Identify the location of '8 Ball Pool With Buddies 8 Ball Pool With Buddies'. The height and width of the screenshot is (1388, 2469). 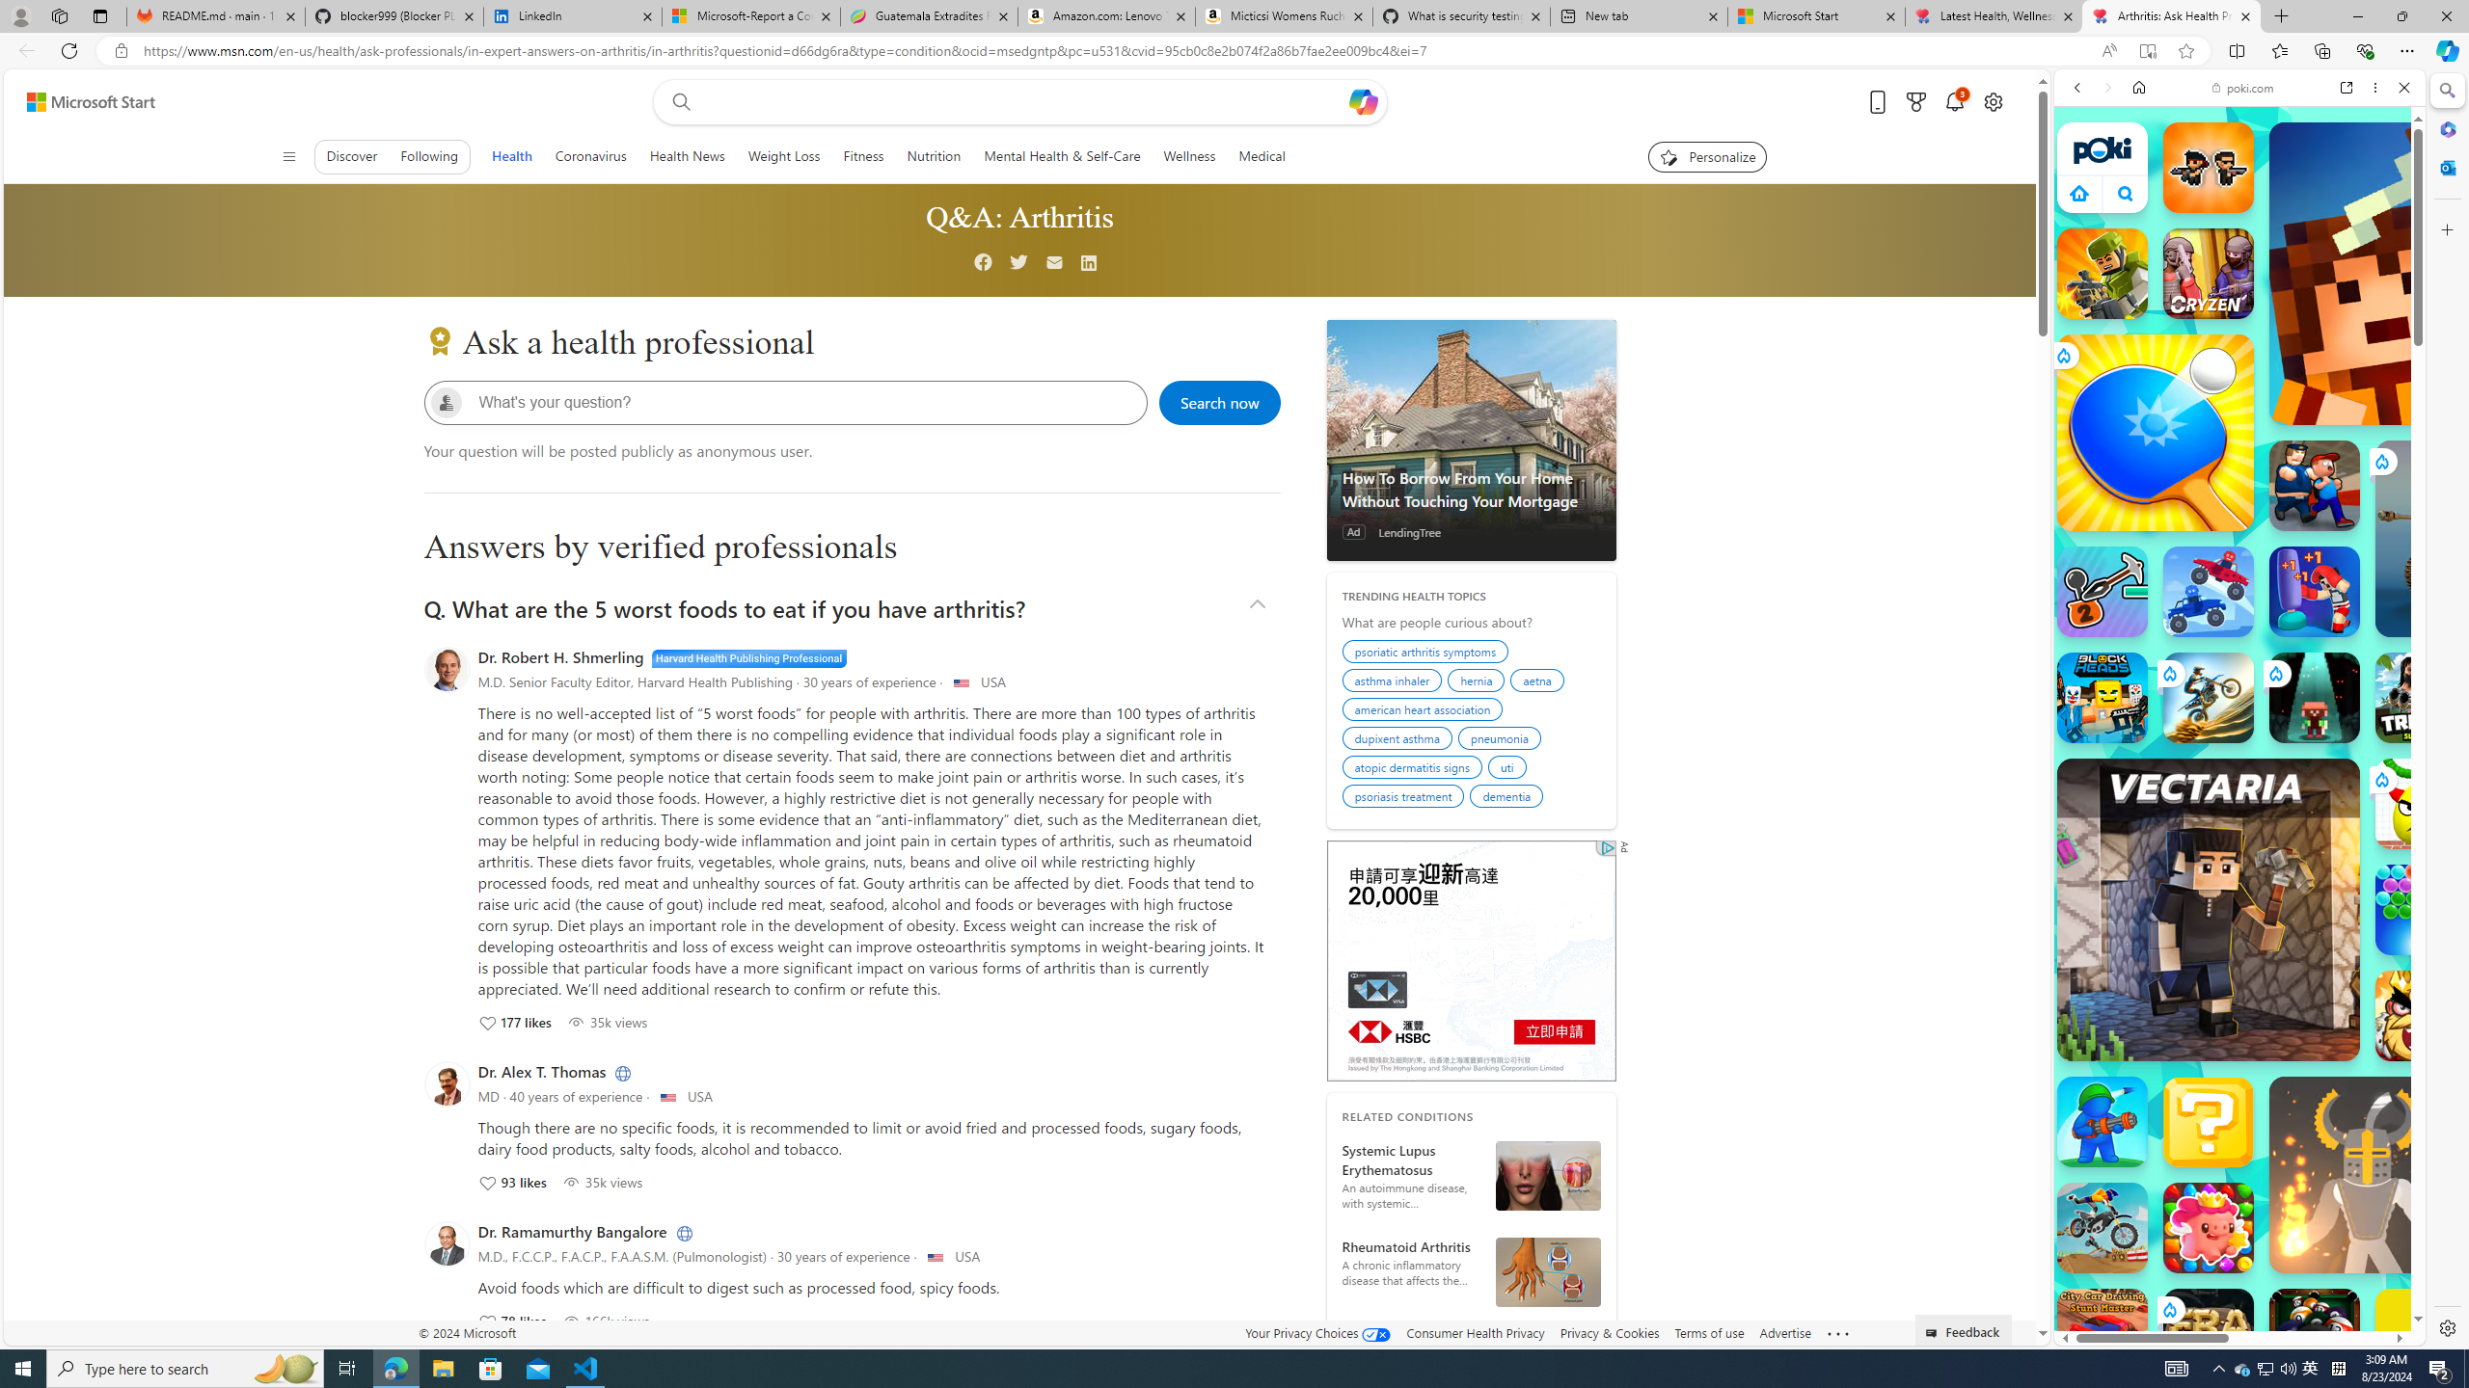
(2315, 1332).